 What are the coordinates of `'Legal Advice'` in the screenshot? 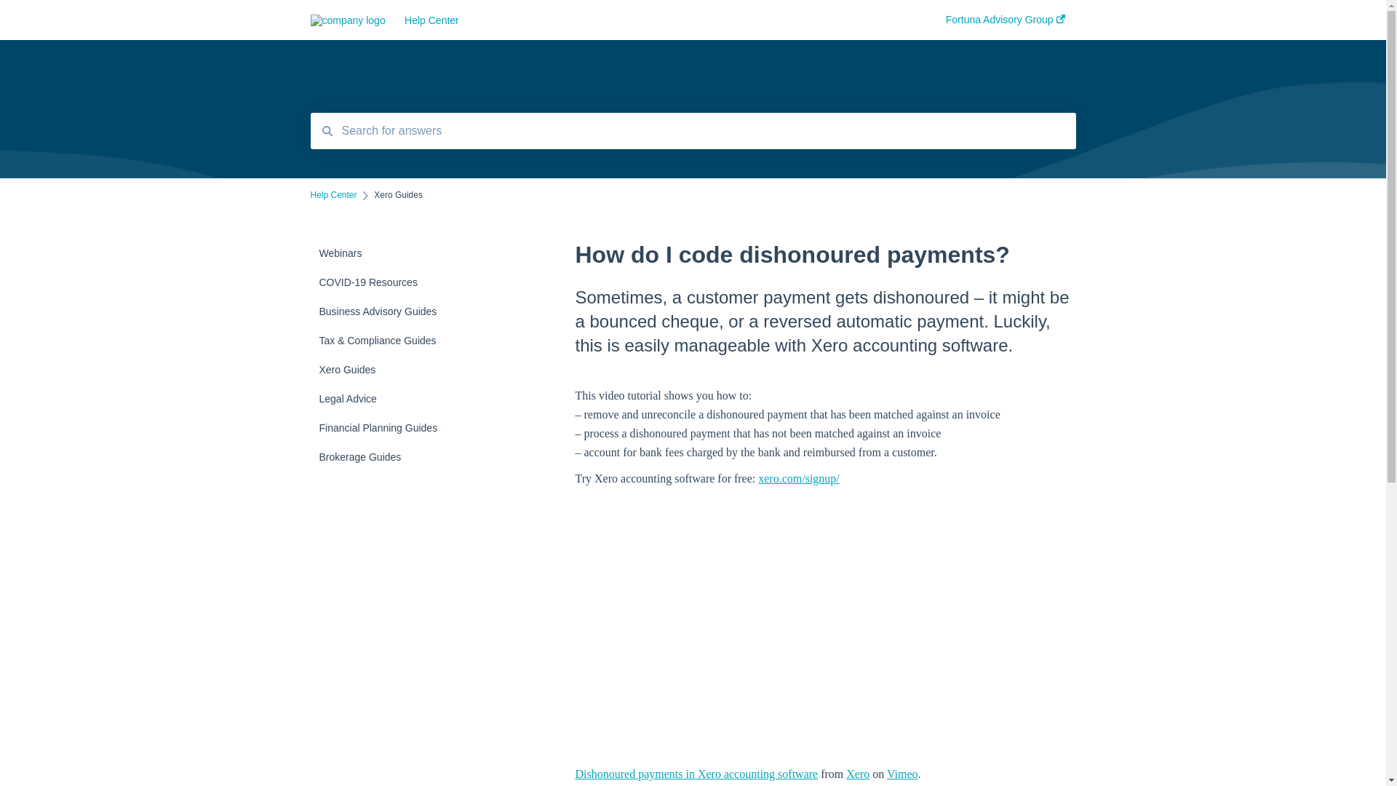 It's located at (397, 398).